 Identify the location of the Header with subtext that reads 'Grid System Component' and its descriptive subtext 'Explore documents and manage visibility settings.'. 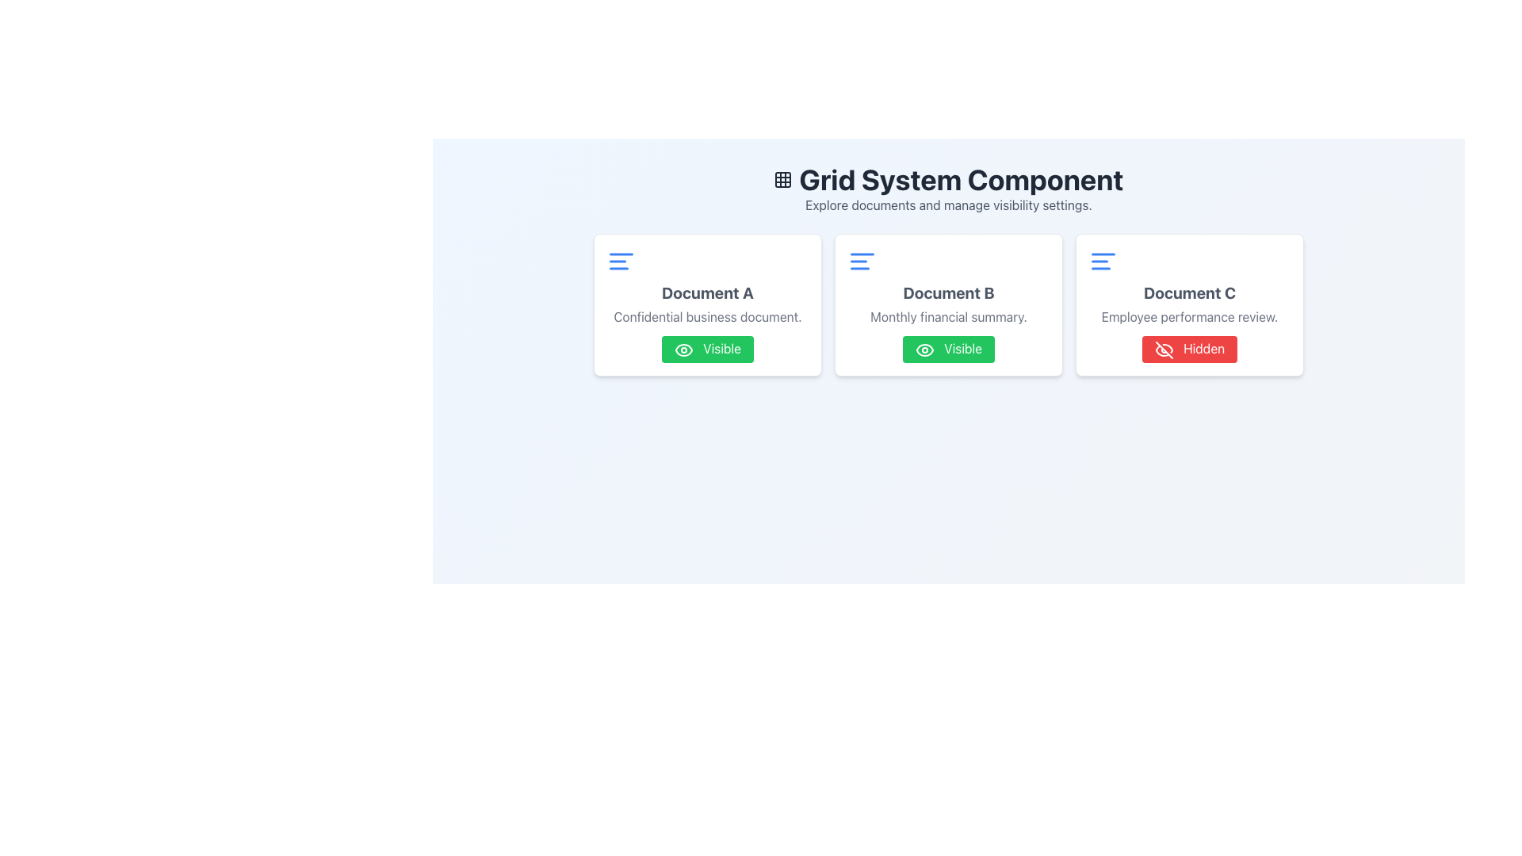
(948, 189).